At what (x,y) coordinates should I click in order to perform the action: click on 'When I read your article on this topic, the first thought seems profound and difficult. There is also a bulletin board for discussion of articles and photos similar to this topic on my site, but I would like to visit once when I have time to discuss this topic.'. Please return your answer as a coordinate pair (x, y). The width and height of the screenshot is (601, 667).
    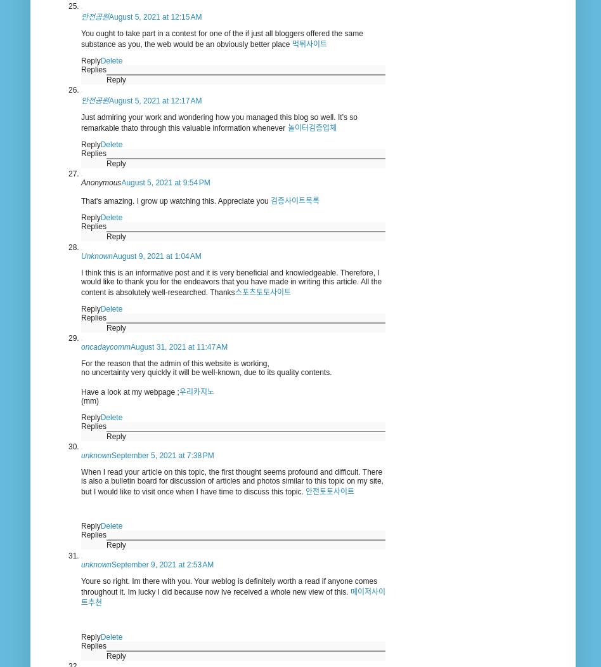
    Looking at the image, I should click on (231, 482).